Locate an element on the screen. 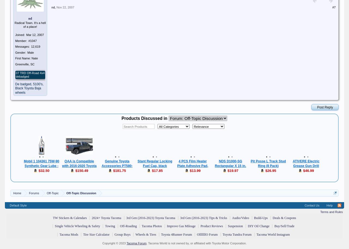 The height and width of the screenshot is (249, 349). '3rd Gen (2016-2023) Tips & Tricks' is located at coordinates (203, 218).